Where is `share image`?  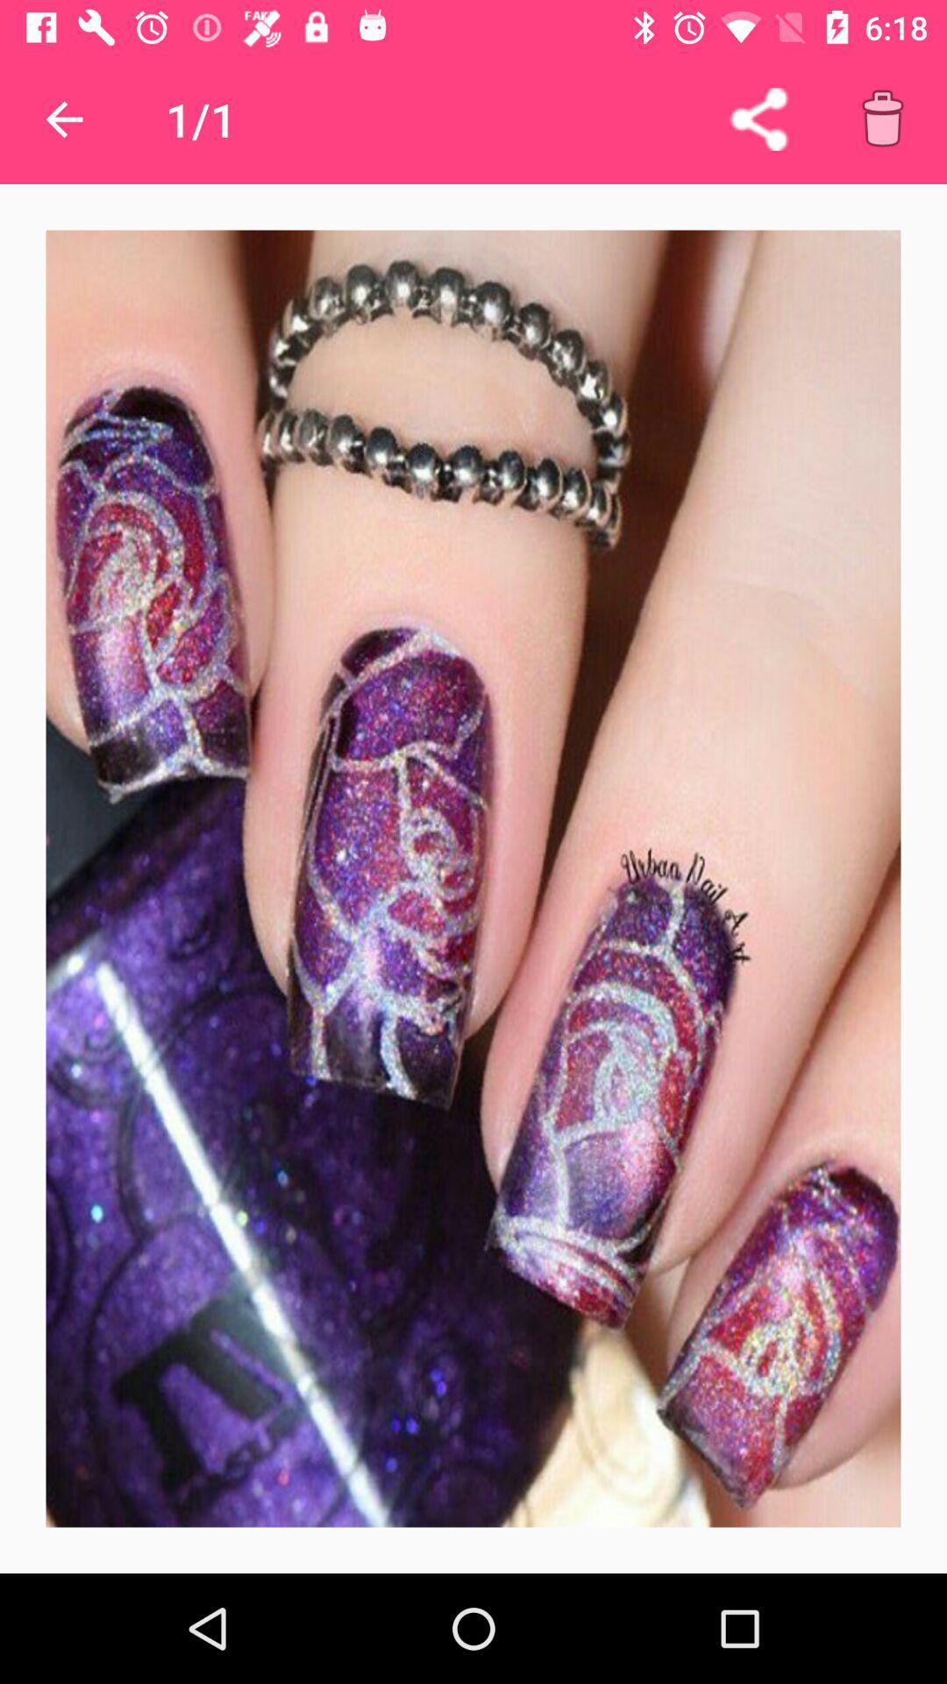
share image is located at coordinates (758, 118).